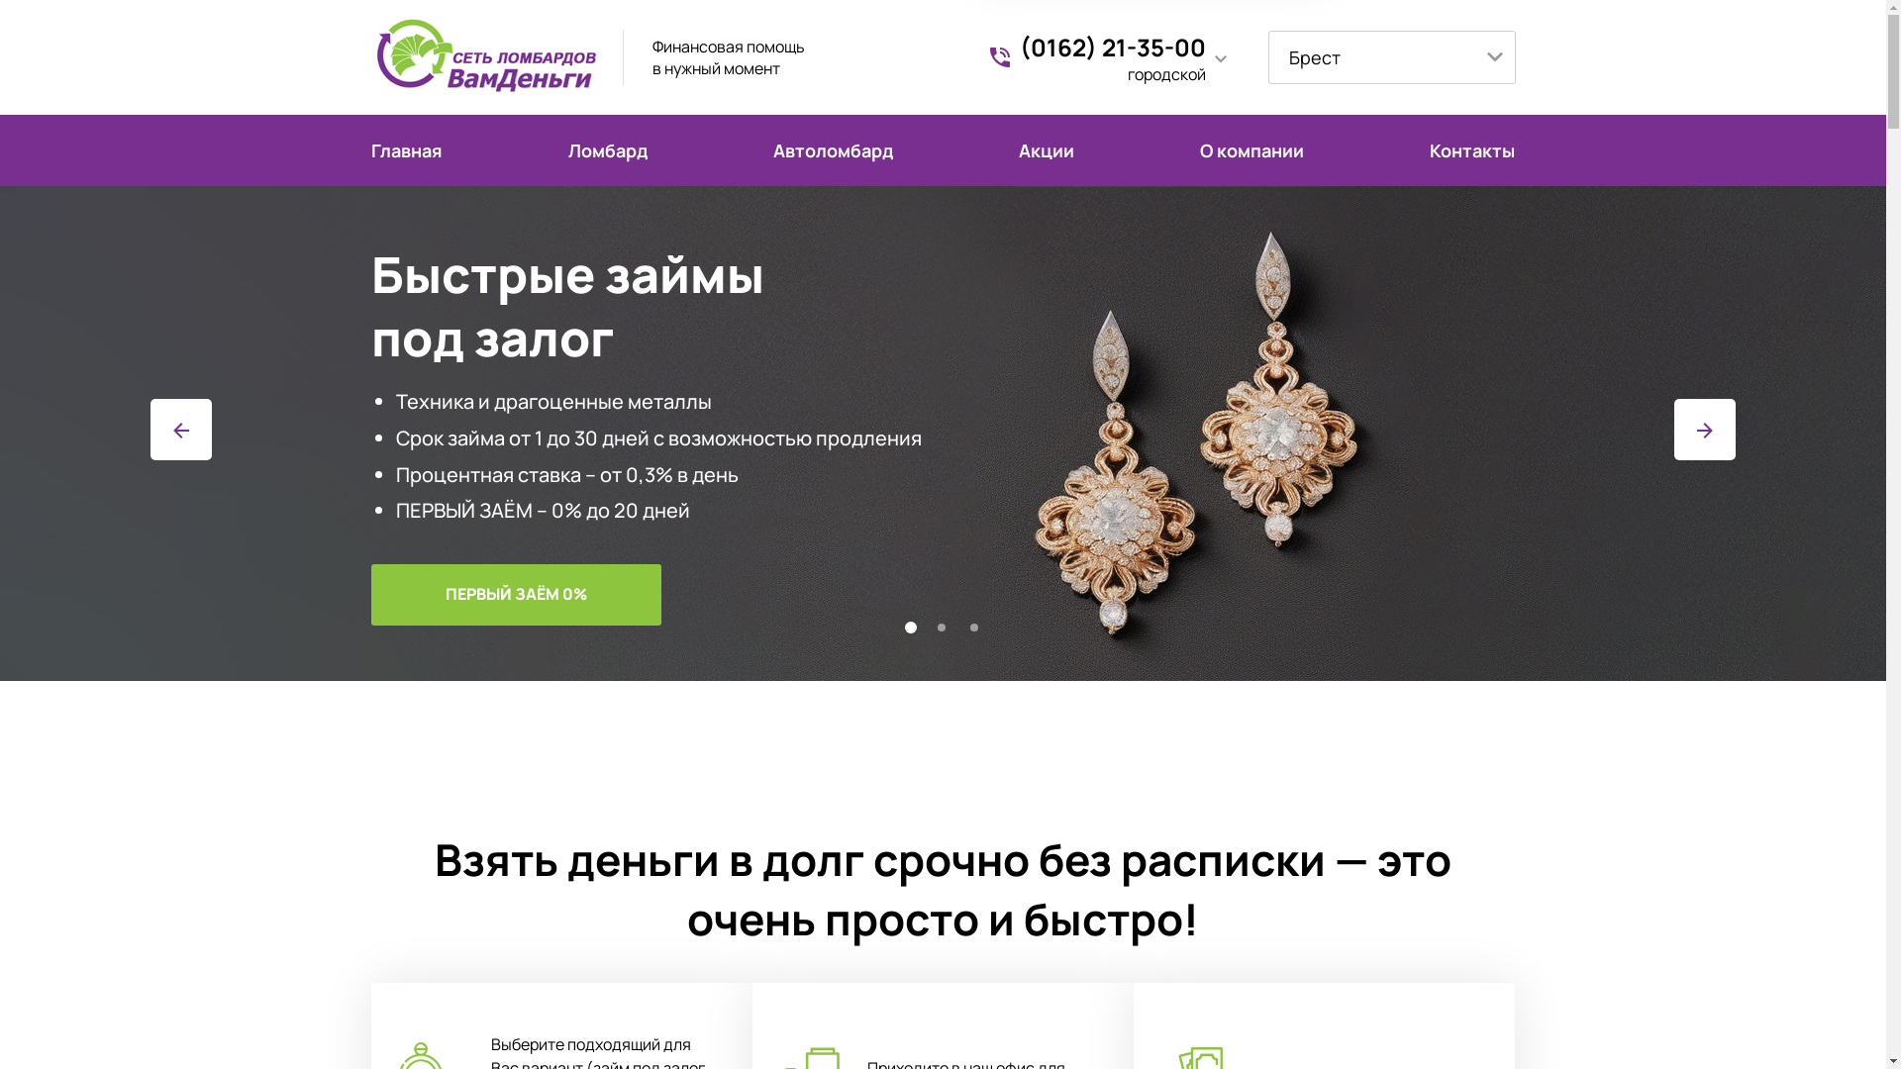 This screenshot has width=1901, height=1069. What do you see at coordinates (946, 631) in the screenshot?
I see `'2'` at bounding box center [946, 631].